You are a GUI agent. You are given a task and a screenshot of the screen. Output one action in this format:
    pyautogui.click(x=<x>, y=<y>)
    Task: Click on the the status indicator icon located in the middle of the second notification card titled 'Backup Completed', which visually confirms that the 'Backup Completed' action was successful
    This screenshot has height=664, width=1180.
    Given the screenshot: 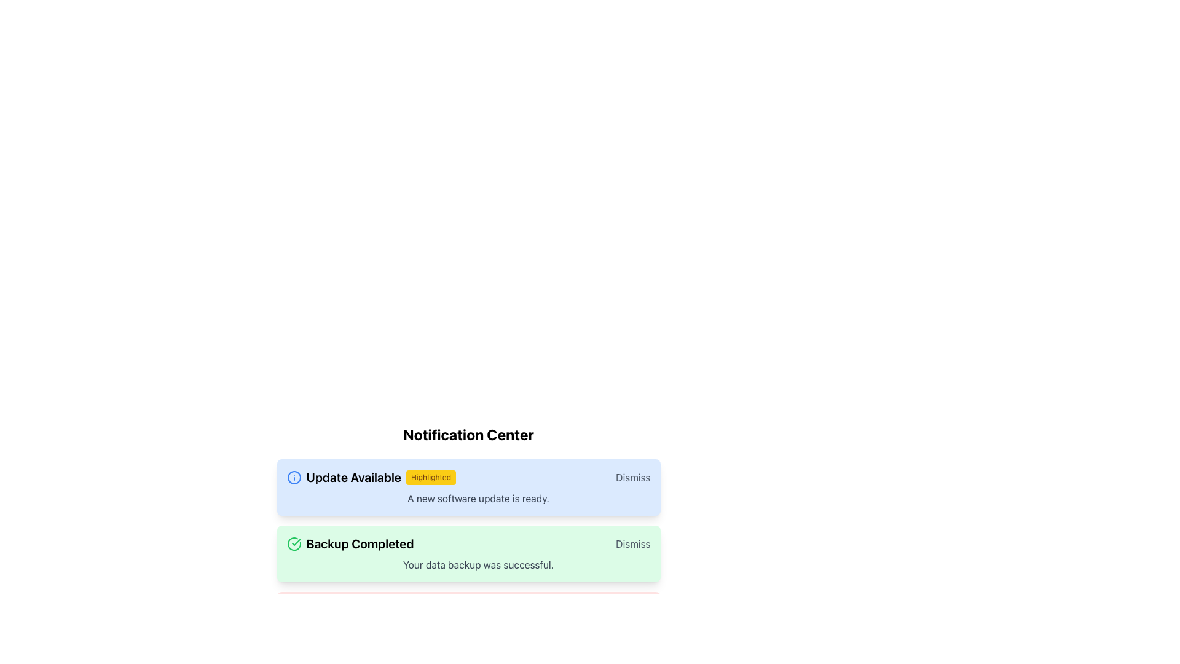 What is the action you would take?
    pyautogui.click(x=293, y=543)
    